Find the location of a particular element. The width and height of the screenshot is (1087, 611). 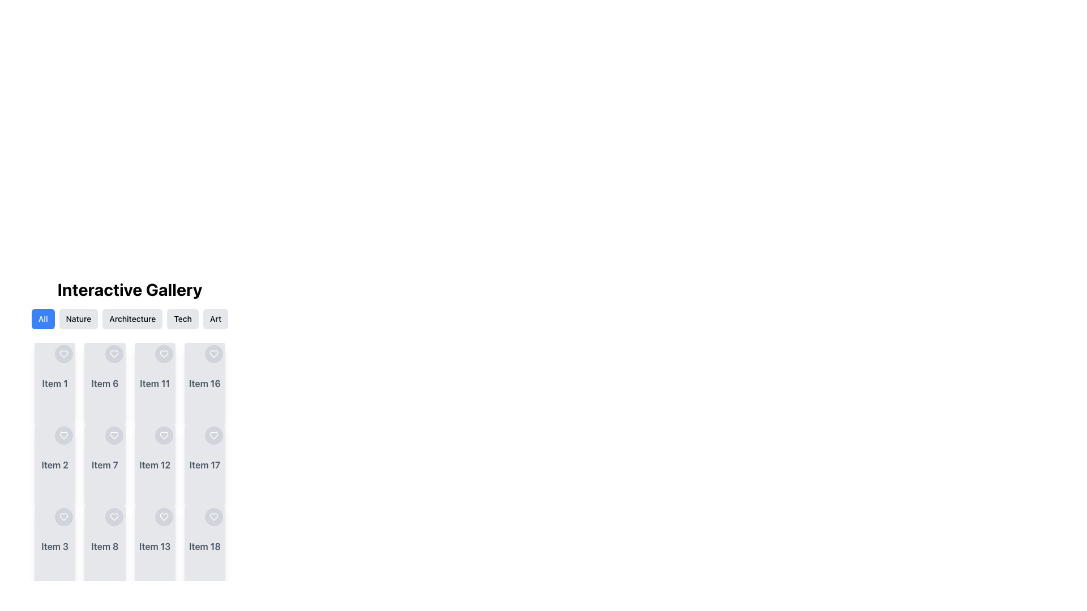

the Text label in the fourth column, third row of the grid under 'Interactive Gallery', which is centered in a light gray rectangular card is located at coordinates (204, 464).